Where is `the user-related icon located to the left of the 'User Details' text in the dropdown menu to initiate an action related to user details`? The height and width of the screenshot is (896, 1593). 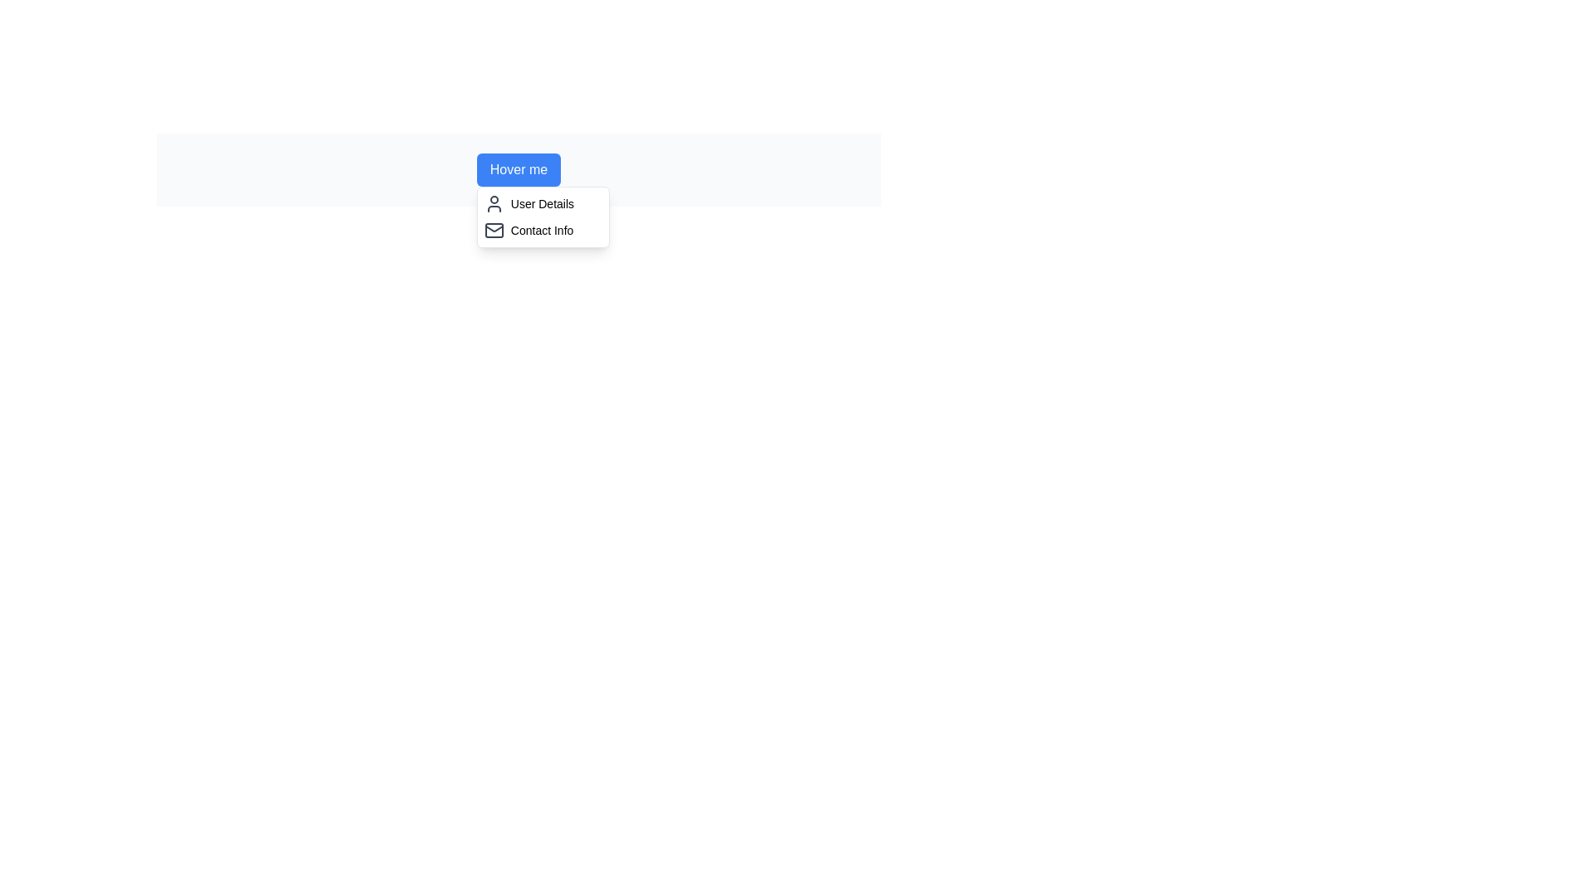 the user-related icon located to the left of the 'User Details' text in the dropdown menu to initiate an action related to user details is located at coordinates (493, 203).